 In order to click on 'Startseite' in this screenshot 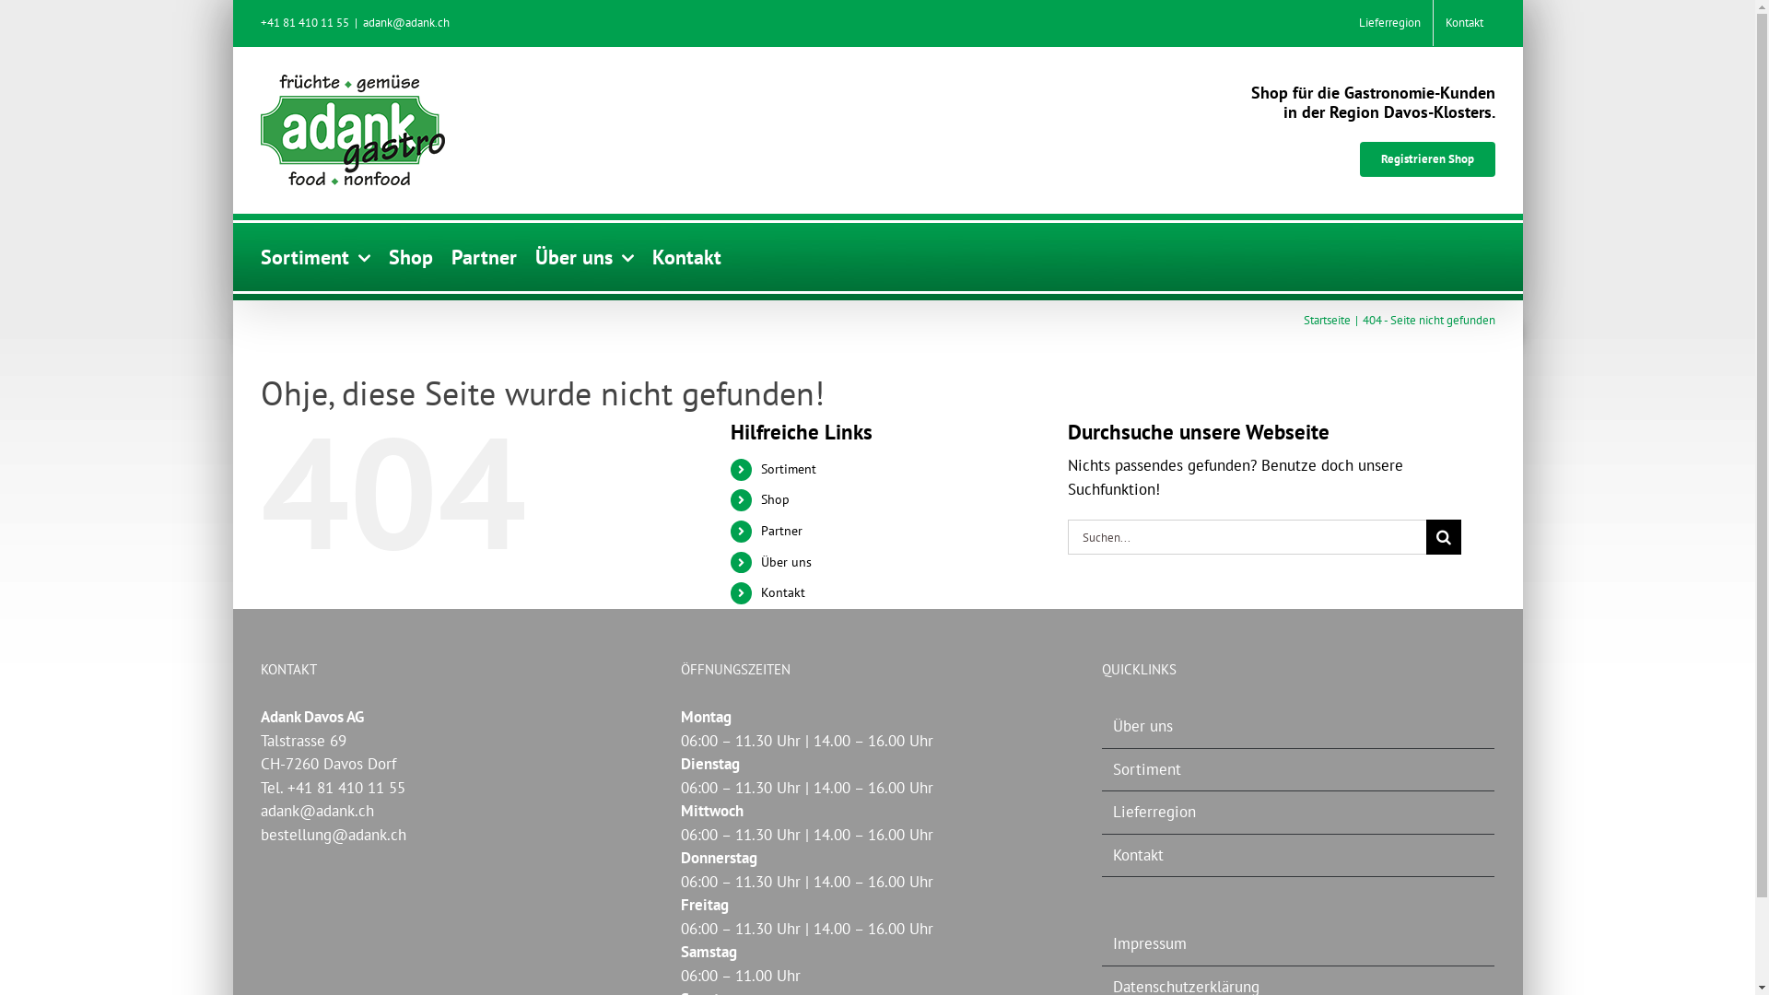, I will do `click(1325, 319)`.